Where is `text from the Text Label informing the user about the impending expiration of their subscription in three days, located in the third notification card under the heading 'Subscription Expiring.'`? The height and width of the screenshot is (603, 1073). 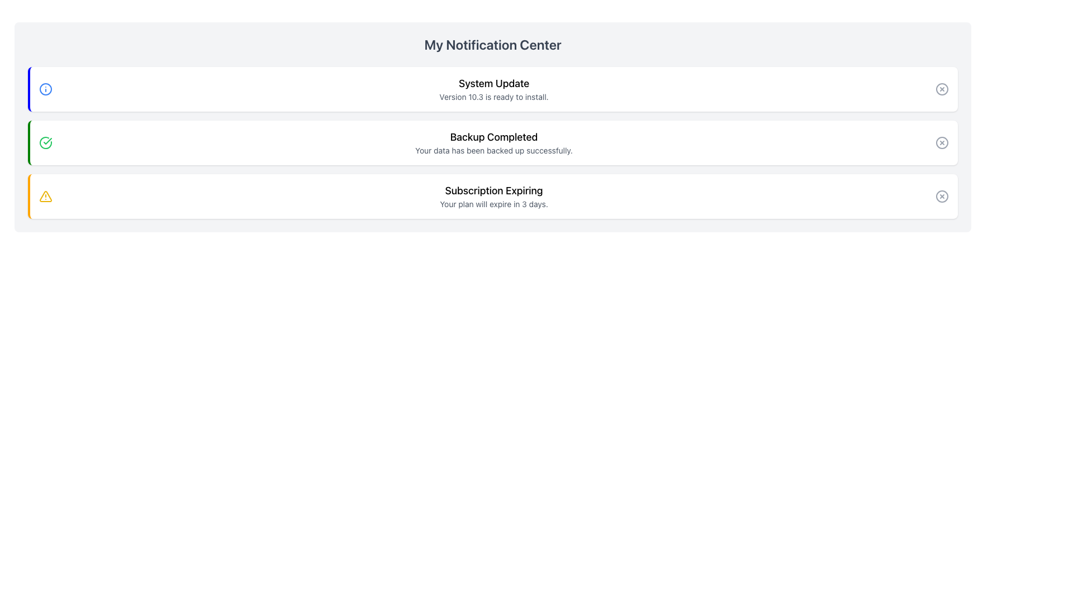
text from the Text Label informing the user about the impending expiration of their subscription in three days, located in the third notification card under the heading 'Subscription Expiring.' is located at coordinates (493, 204).